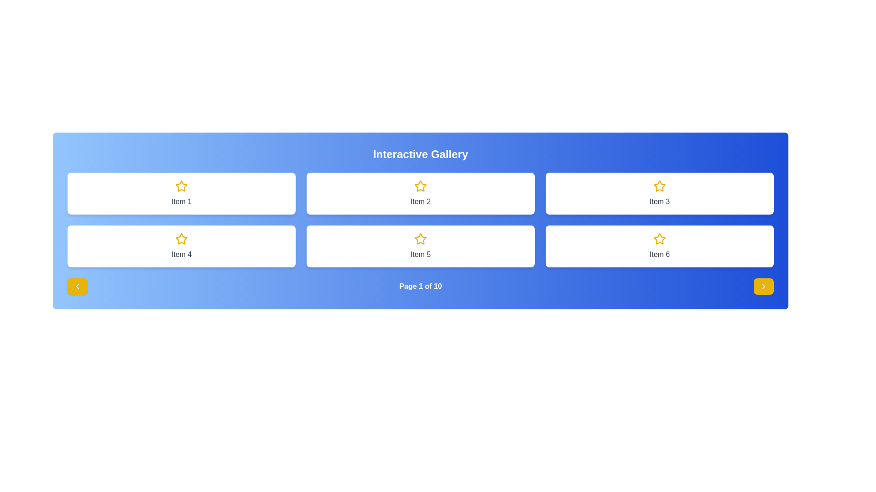  What do you see at coordinates (659, 185) in the screenshot?
I see `the star-shaped icon with a yellow outline located at the top-left corner of the card labeled 'Item 3'` at bounding box center [659, 185].